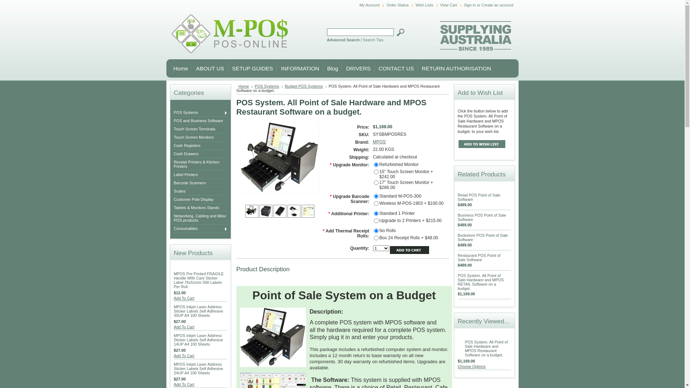 This screenshot has height=388, width=690. Describe the element at coordinates (454, 68) in the screenshot. I see `'RETURN AUTHORISATION'` at that location.